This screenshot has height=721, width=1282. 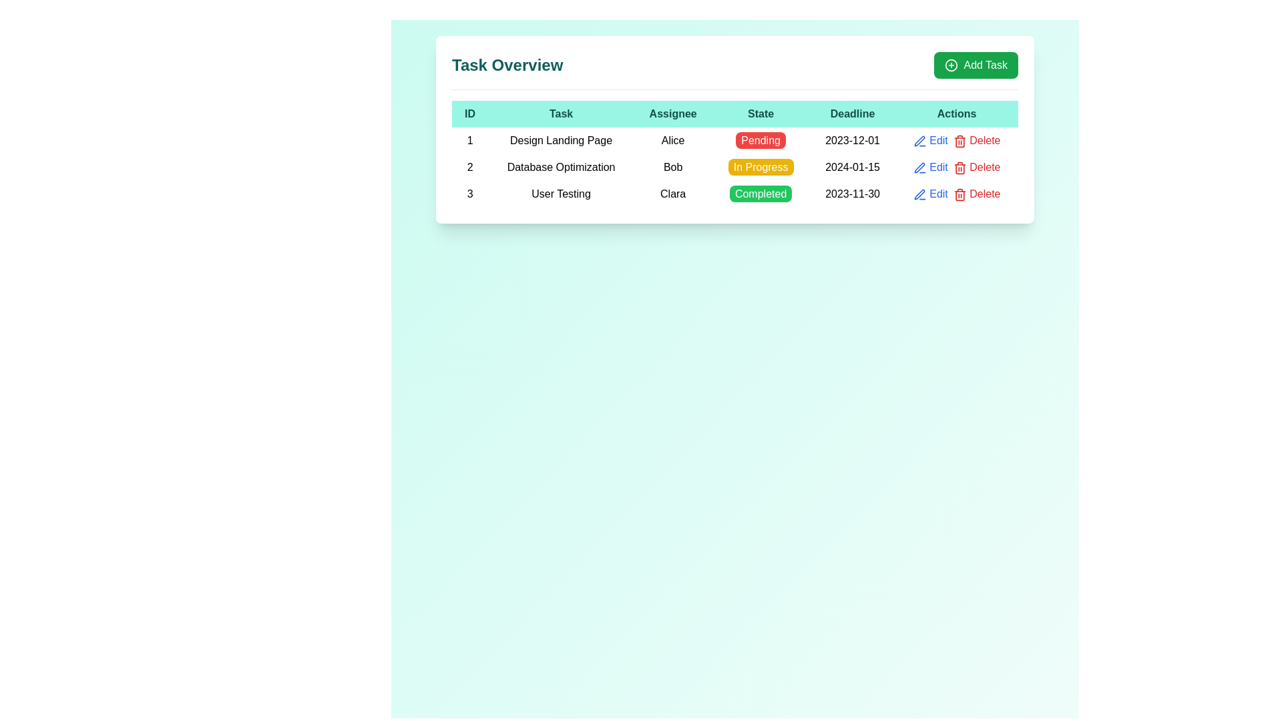 What do you see at coordinates (470, 194) in the screenshot?
I see `the numeric identifier '3' in the first position of the third row under the 'ID' column in the table` at bounding box center [470, 194].